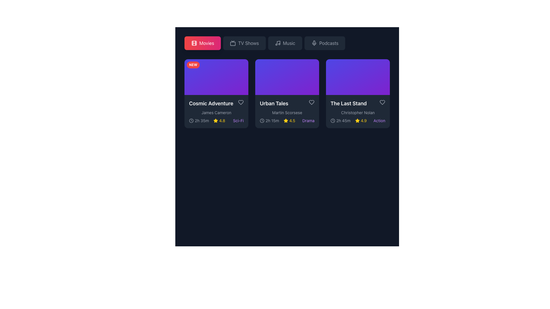  What do you see at coordinates (244, 43) in the screenshot?
I see `the interactive button in the navigation bar that serves as a navigation option to redirect the user to the TV shows section` at bounding box center [244, 43].